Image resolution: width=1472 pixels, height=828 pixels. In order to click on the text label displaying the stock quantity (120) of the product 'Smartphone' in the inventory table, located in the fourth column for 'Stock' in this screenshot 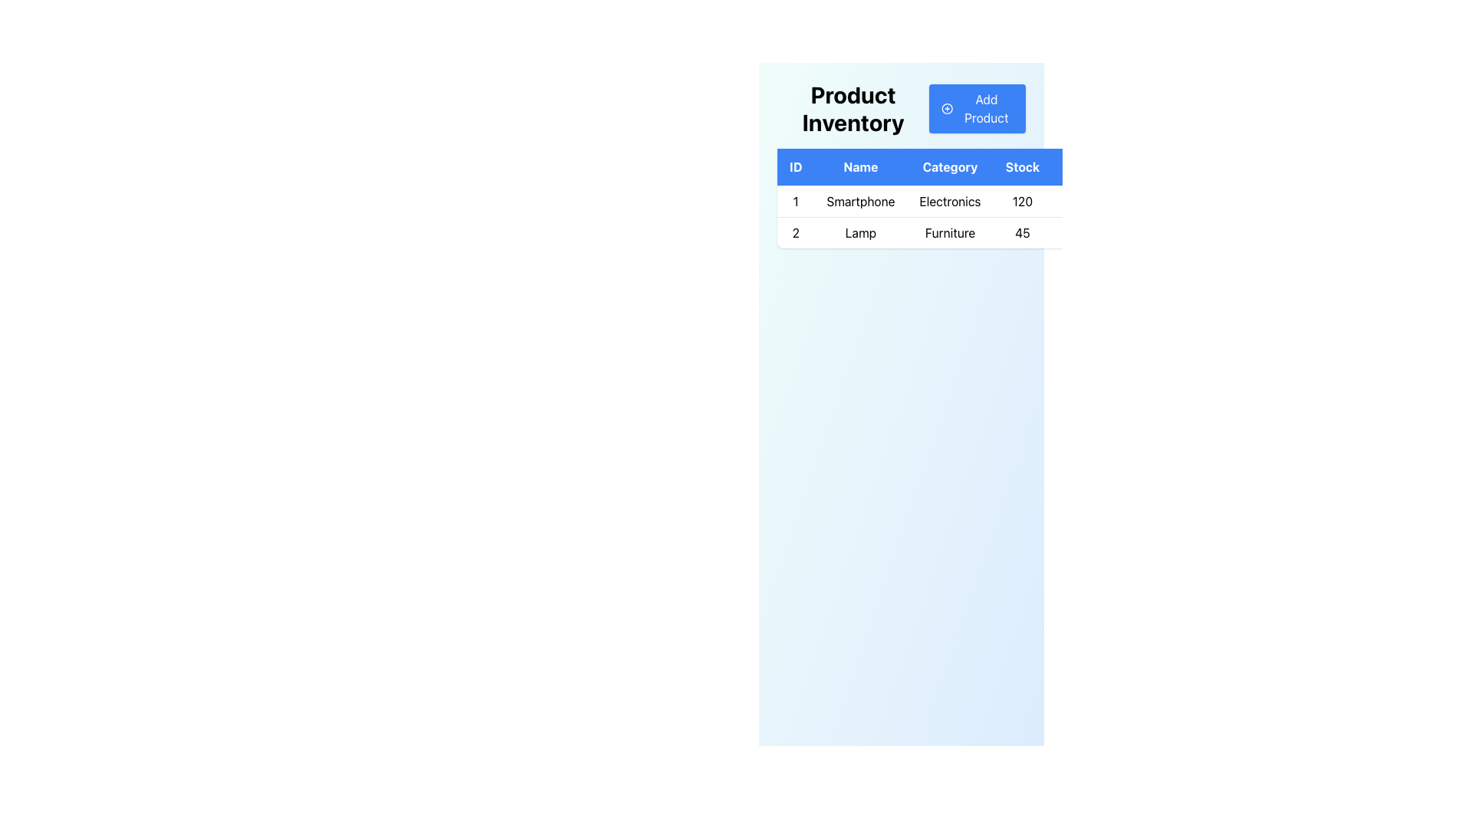, I will do `click(1023, 200)`.